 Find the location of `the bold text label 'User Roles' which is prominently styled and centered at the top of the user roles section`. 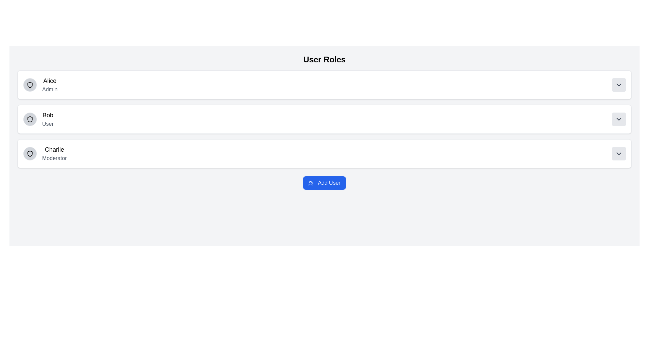

the bold text label 'User Roles' which is prominently styled and centered at the top of the user roles section is located at coordinates (324, 59).